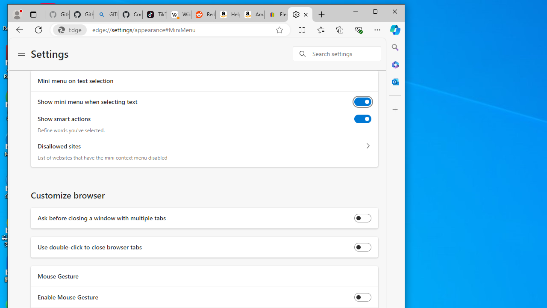  Describe the element at coordinates (178, 15) in the screenshot. I see `'Wikipedia, the free encyclopedia'` at that location.